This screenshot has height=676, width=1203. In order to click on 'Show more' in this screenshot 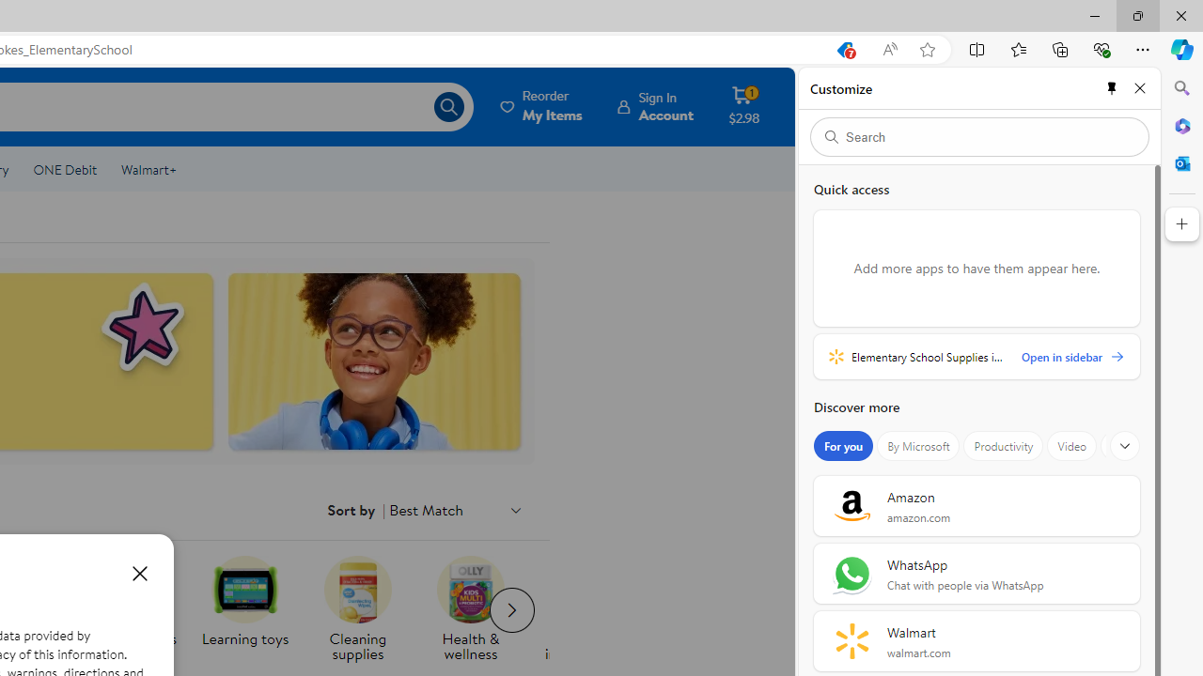, I will do `click(1125, 446)`.